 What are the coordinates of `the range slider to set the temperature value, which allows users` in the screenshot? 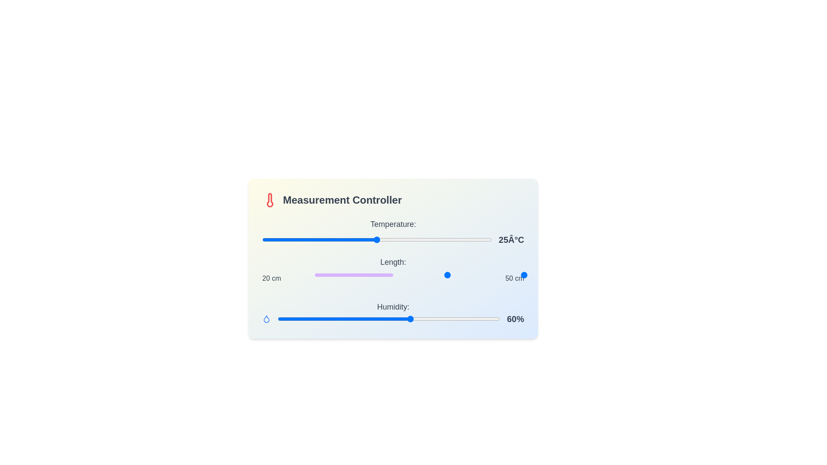 It's located at (392, 239).